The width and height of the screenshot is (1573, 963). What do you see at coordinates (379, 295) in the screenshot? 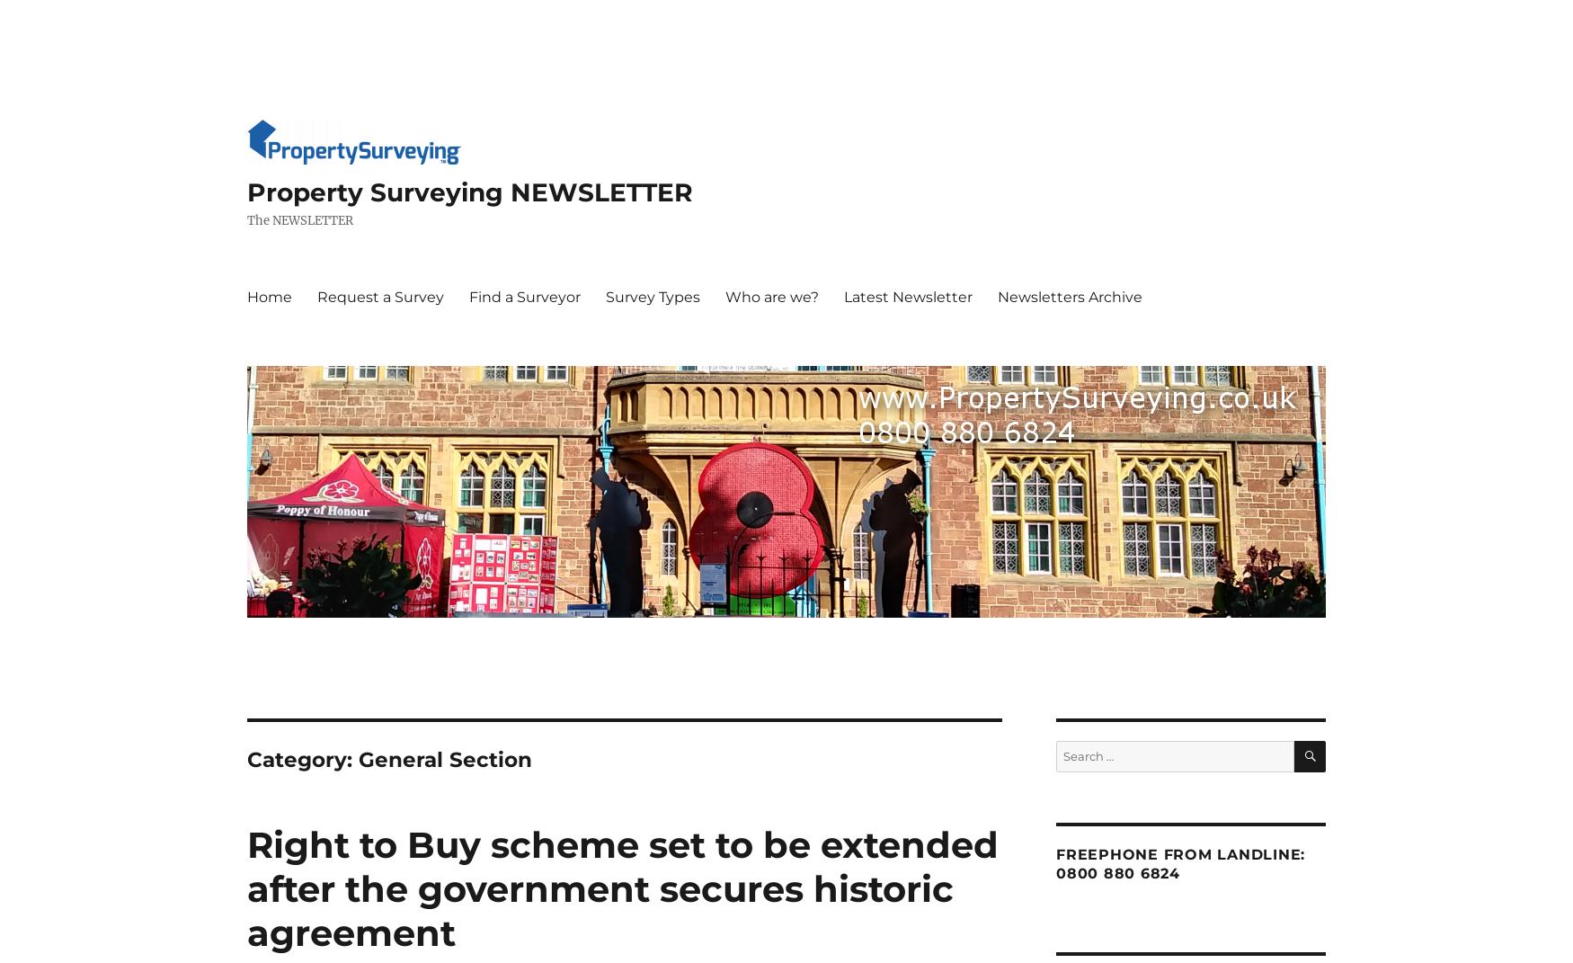
I see `'Request a Survey'` at bounding box center [379, 295].